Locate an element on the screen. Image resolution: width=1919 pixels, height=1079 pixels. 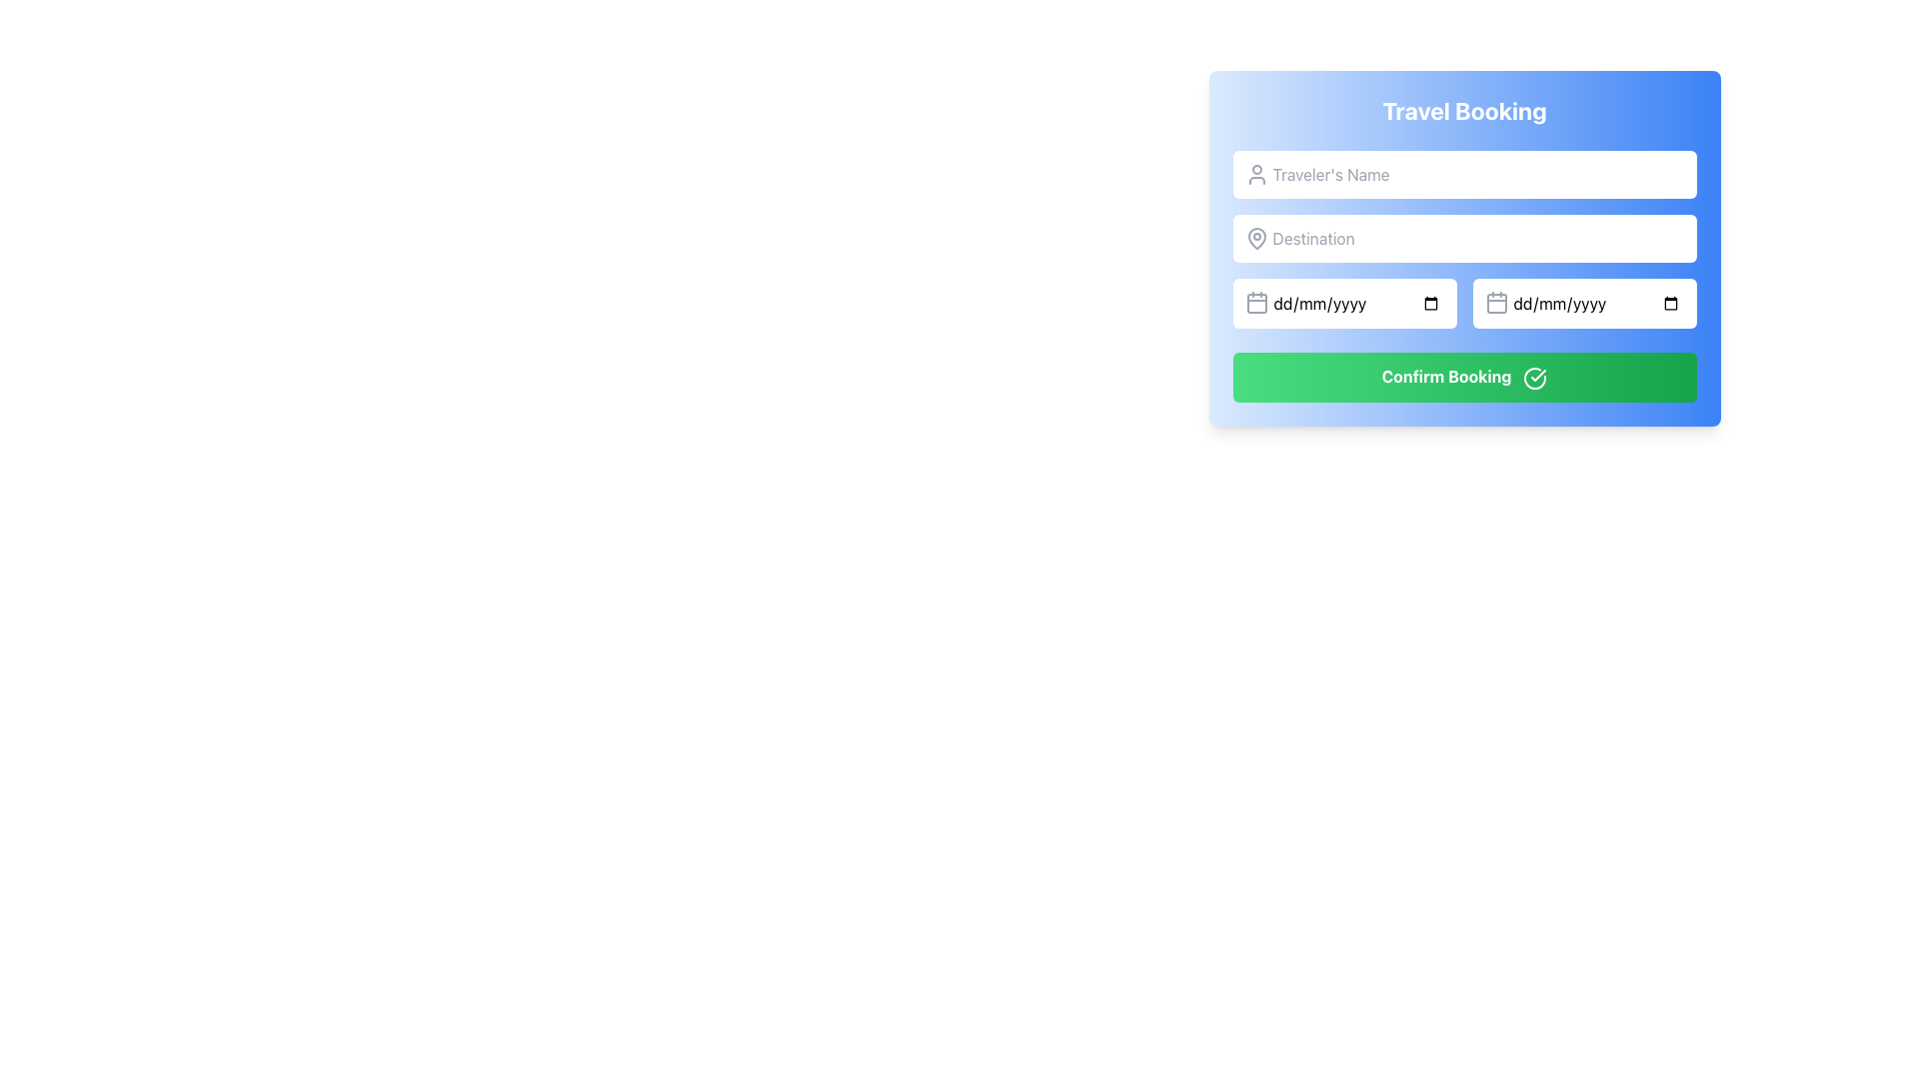
the gray calendar icon located to the left of the date input field under the 'Departure Date' section is located at coordinates (1255, 303).